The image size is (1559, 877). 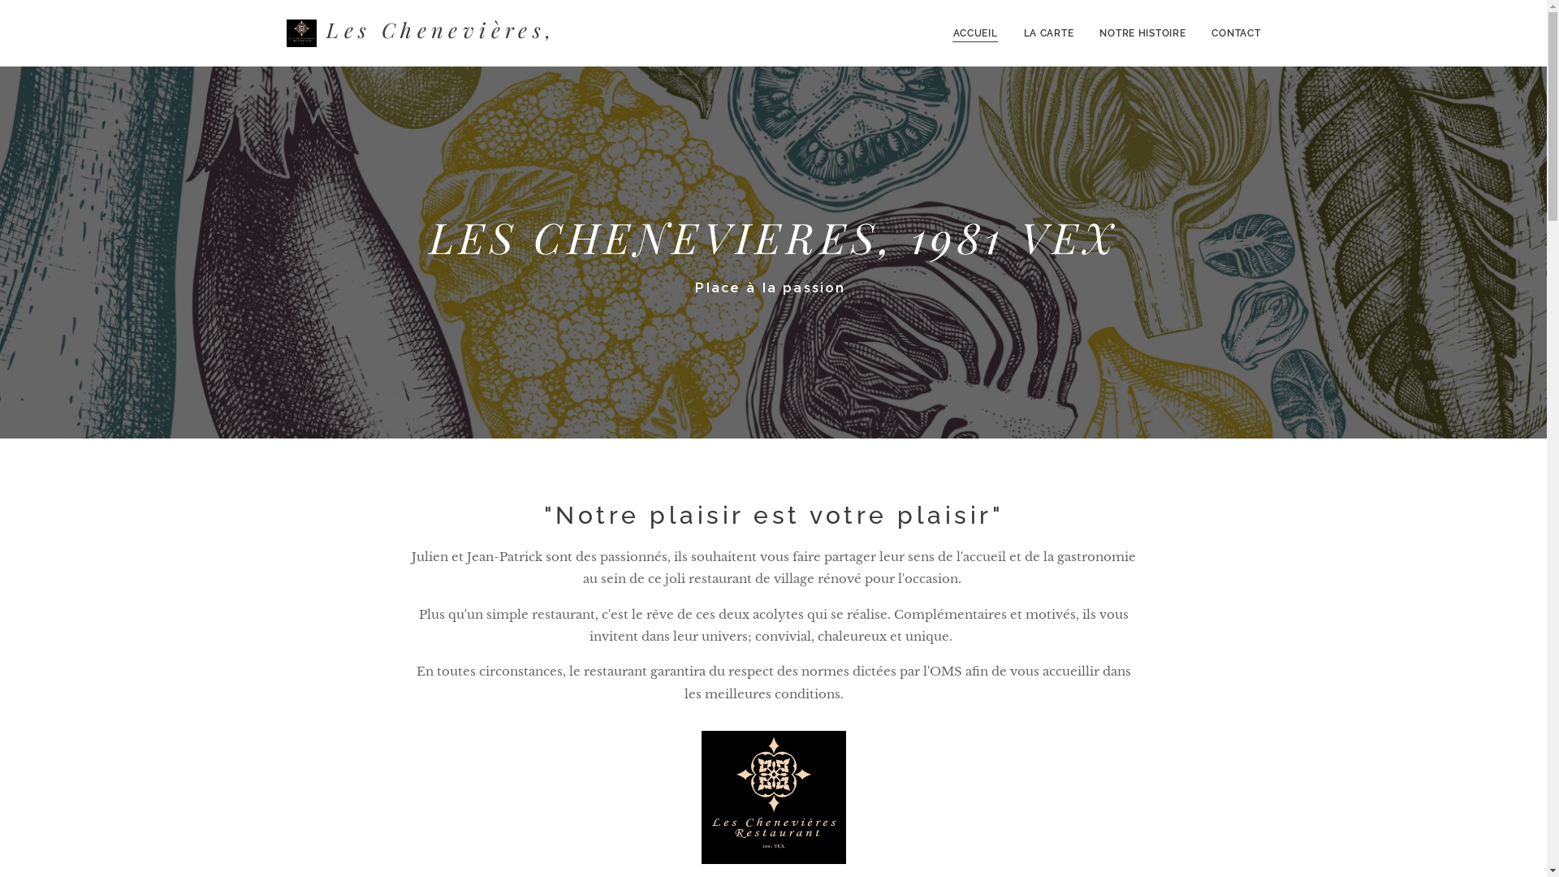 I want to click on 'NOTRE HISTOIRE', so click(x=1141, y=33).